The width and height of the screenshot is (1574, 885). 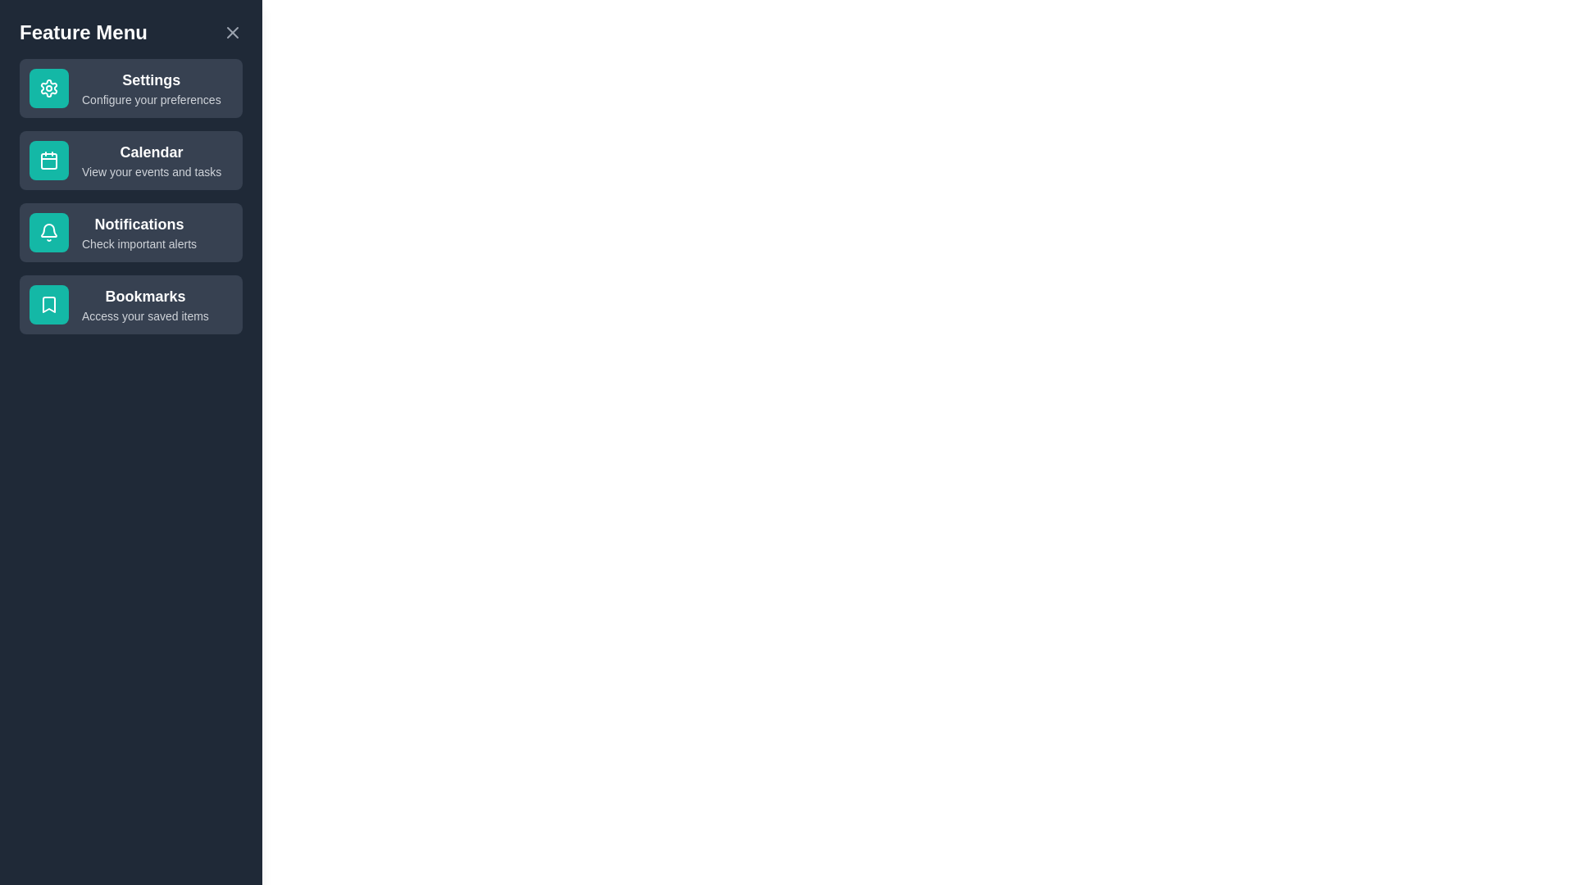 What do you see at coordinates (130, 233) in the screenshot?
I see `the feature labeled Notifications to select it` at bounding box center [130, 233].